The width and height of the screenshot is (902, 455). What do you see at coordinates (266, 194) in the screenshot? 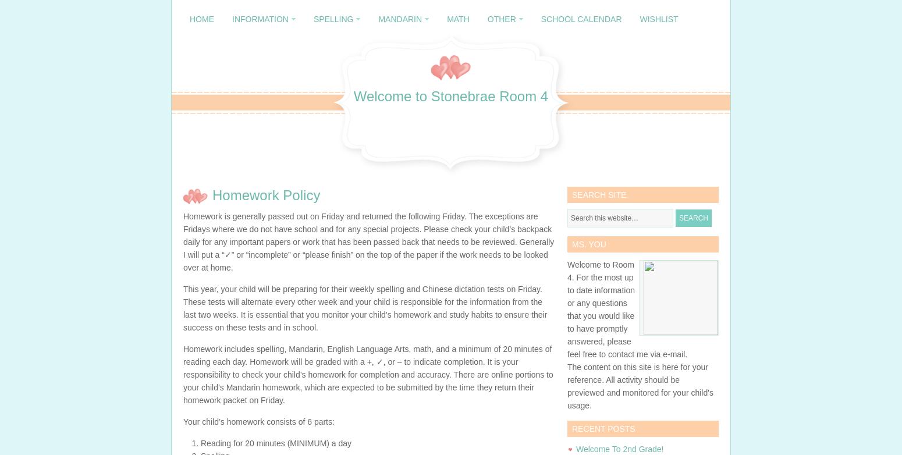
I see `'Homework Policy'` at bounding box center [266, 194].